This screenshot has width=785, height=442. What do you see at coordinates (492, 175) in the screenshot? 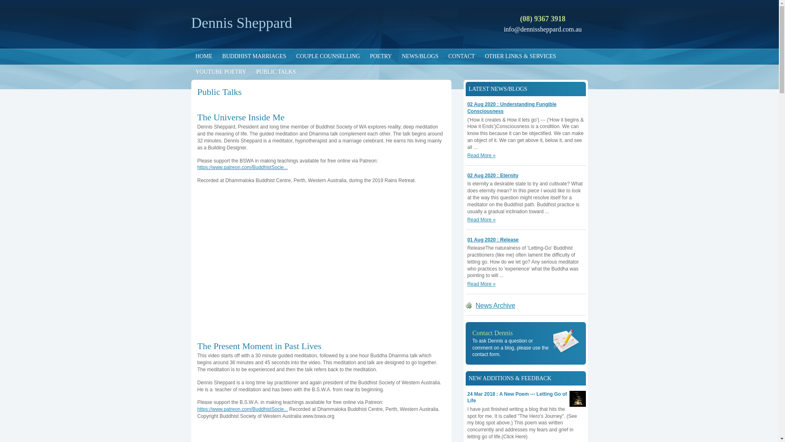
I see `'02 Aug 2020 : Eternity'` at bounding box center [492, 175].